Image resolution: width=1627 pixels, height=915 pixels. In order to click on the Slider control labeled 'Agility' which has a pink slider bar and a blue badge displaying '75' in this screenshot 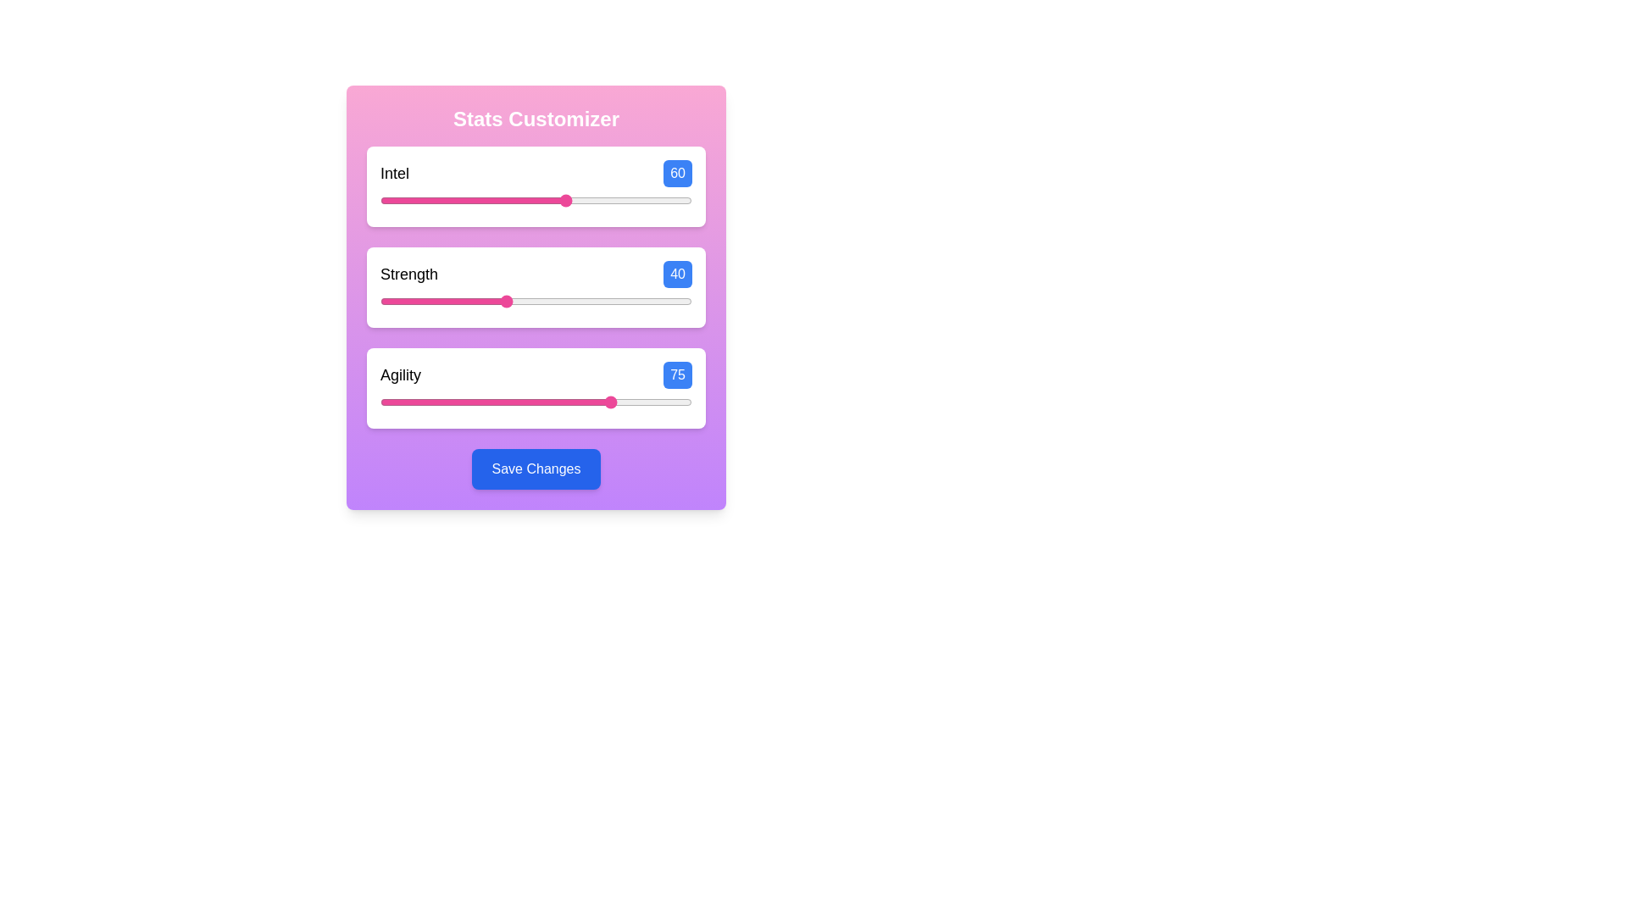, I will do `click(536, 388)`.